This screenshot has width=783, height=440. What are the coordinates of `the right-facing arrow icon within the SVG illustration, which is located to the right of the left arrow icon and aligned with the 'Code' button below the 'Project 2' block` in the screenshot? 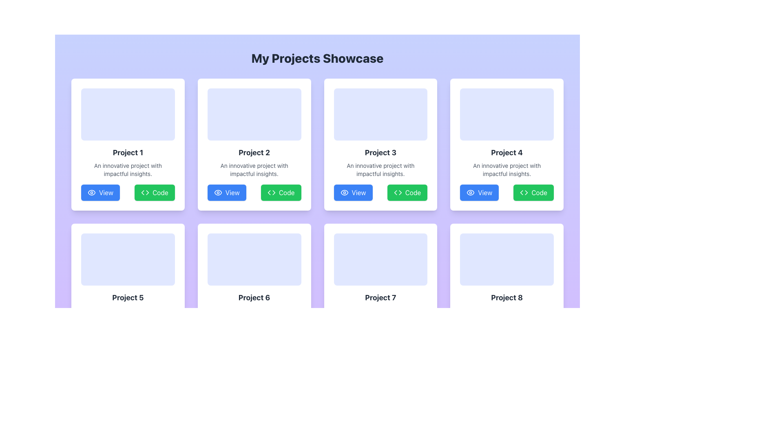 It's located at (274, 193).